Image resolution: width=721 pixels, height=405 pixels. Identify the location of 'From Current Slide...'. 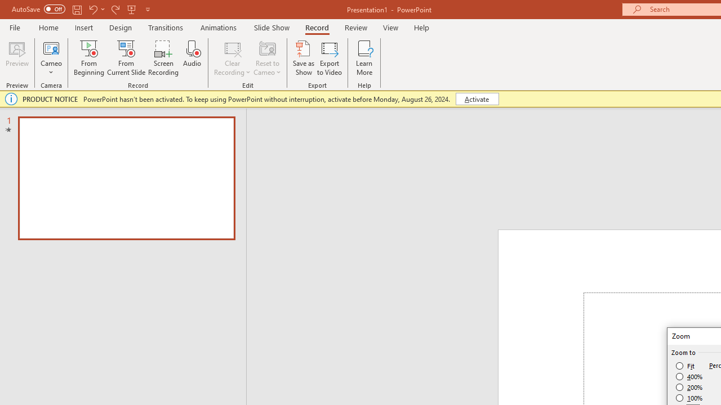
(126, 58).